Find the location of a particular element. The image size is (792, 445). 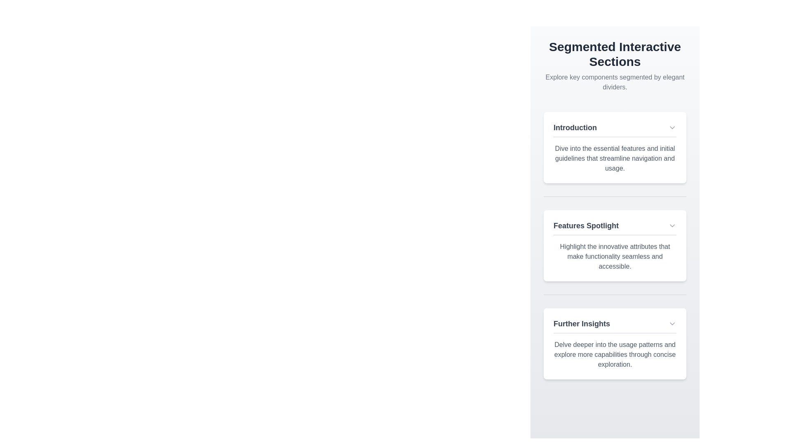

the Separator Line located between the 'Features Spotlight' section and the 'Further Insights' section to visually separate these two areas is located at coordinates (615, 294).